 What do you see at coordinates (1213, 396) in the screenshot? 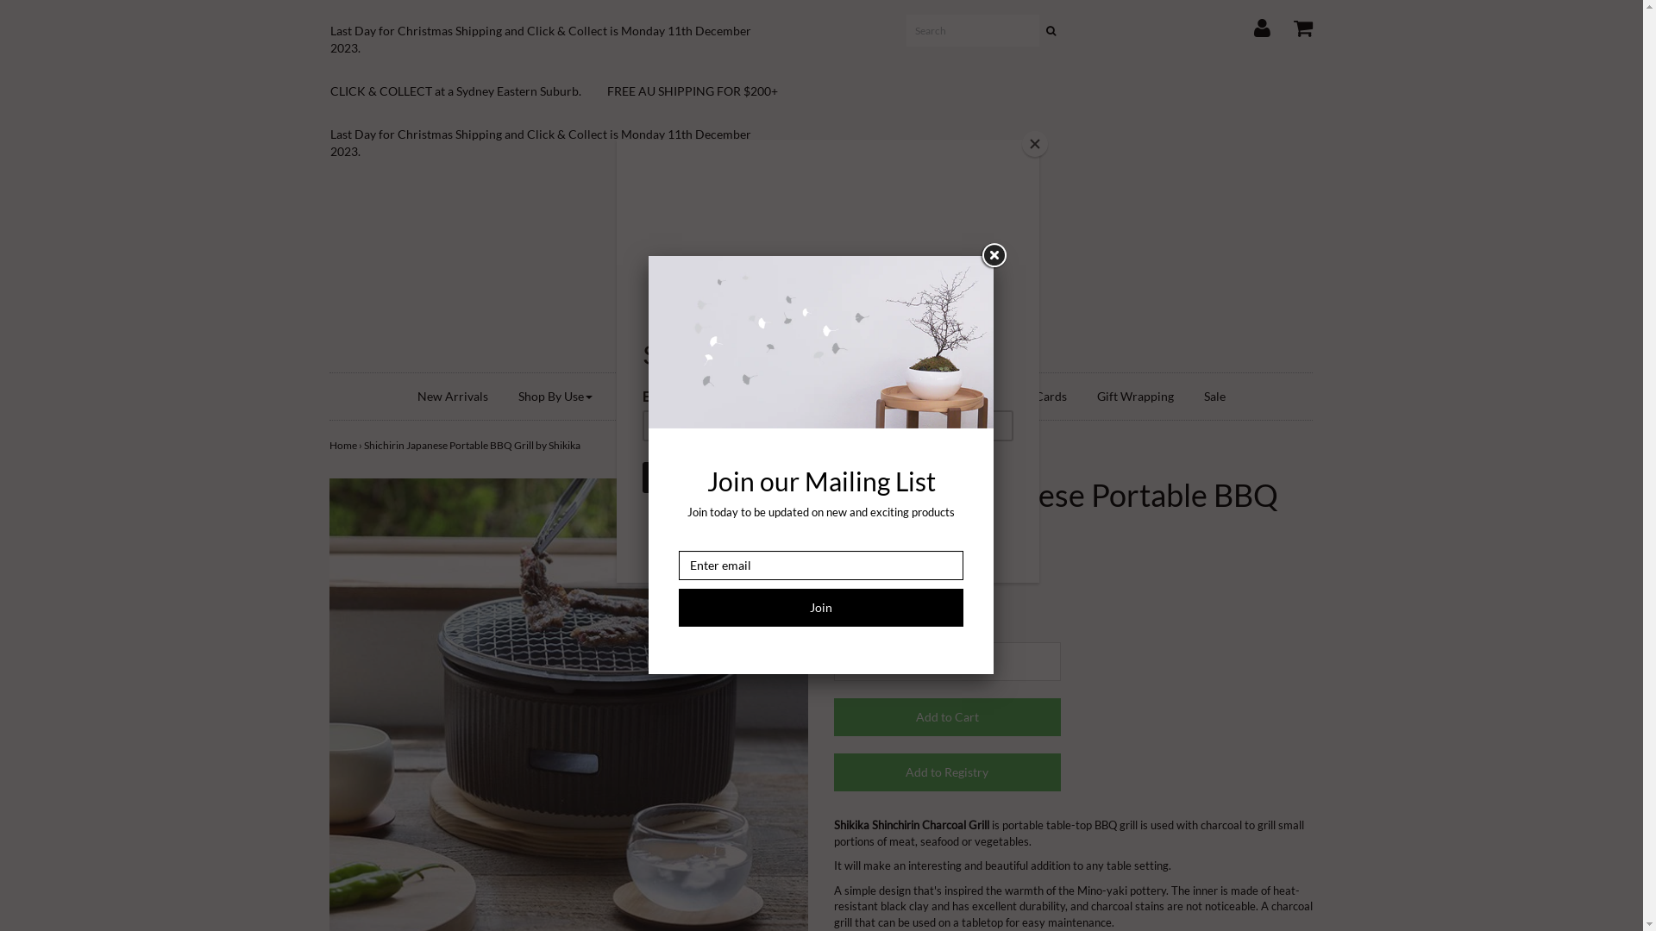
I see `'Sale'` at bounding box center [1213, 396].